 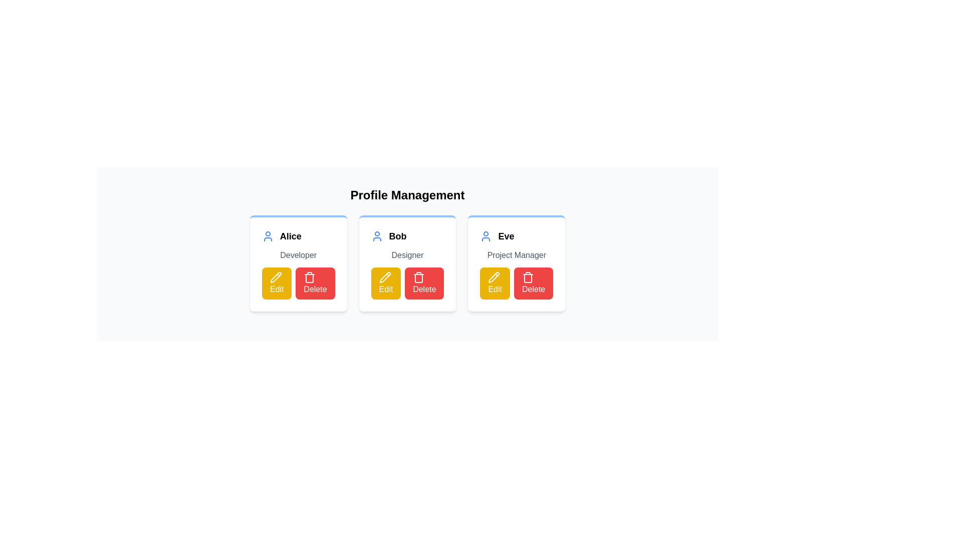 What do you see at coordinates (384, 278) in the screenshot?
I see `the pencil icon associated with editing functionality located in the Profile Management section of the user profile card labeled 'Bob'` at bounding box center [384, 278].